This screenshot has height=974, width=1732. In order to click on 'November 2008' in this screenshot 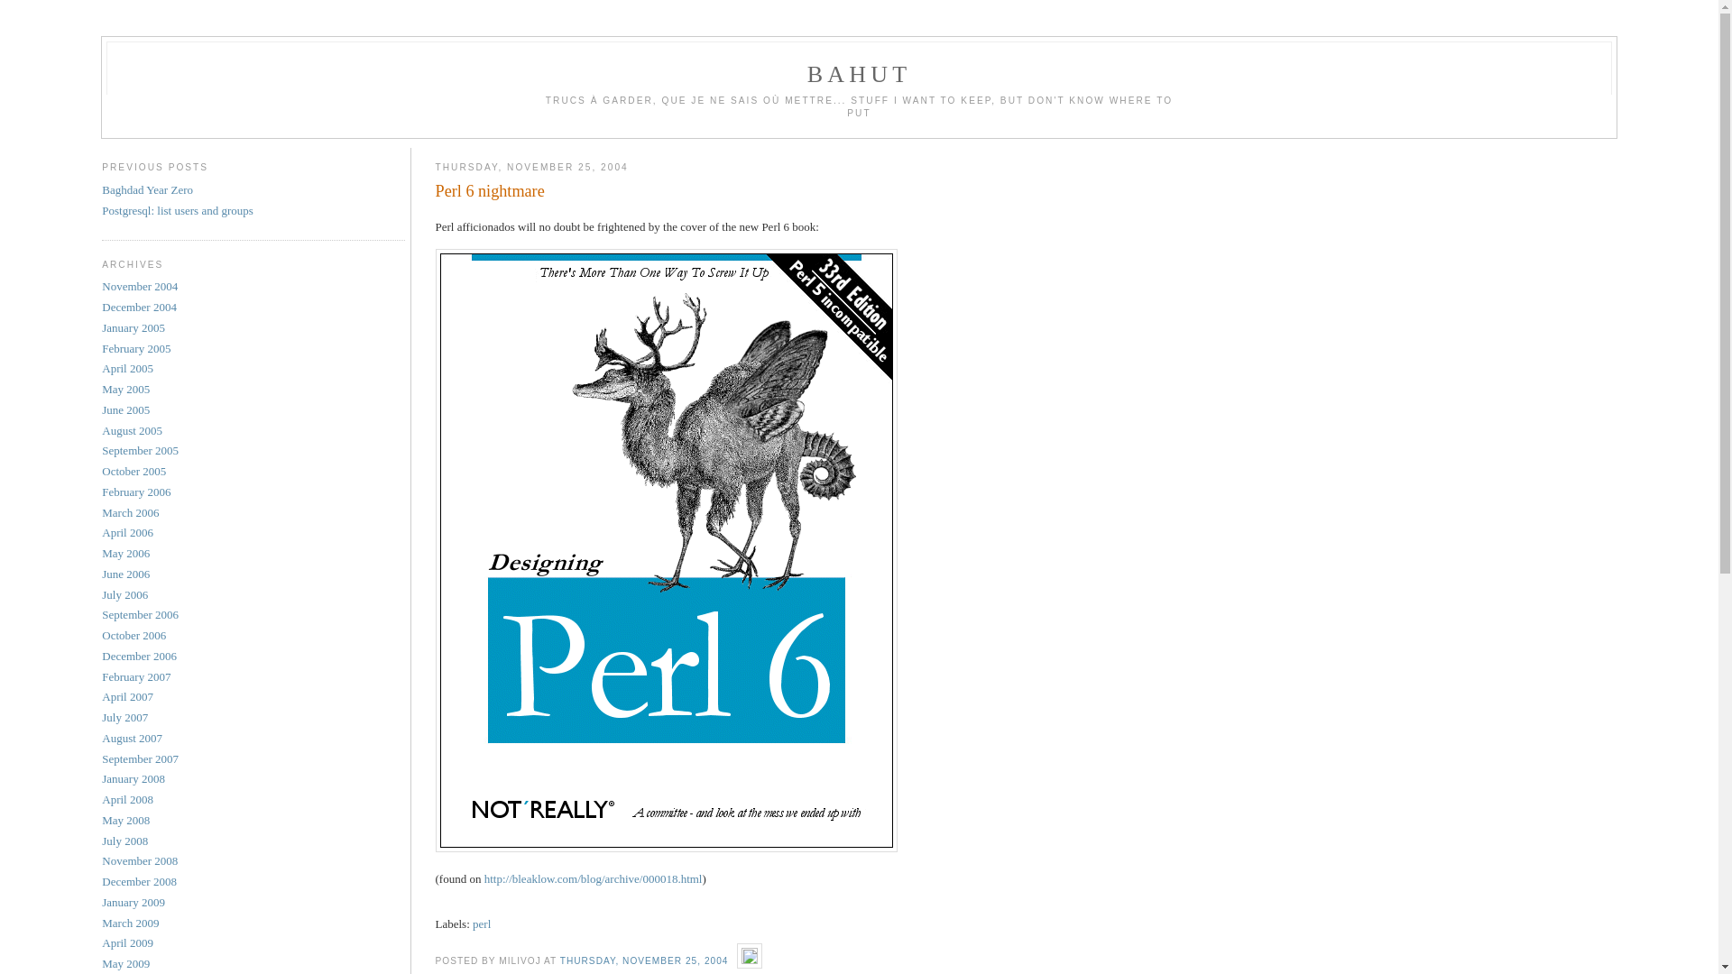, I will do `click(138, 859)`.